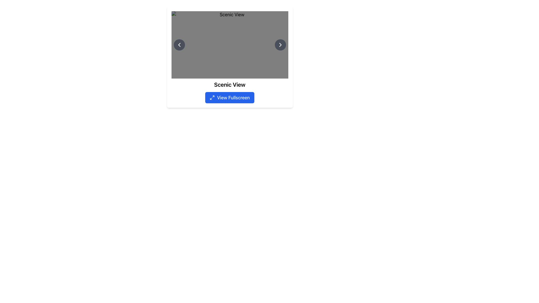 Image resolution: width=539 pixels, height=303 pixels. Describe the element at coordinates (280, 44) in the screenshot. I see `the right-side navigation icon within the SVG graphic, which indicates movement to the next item in a carousel or slideshow` at that location.